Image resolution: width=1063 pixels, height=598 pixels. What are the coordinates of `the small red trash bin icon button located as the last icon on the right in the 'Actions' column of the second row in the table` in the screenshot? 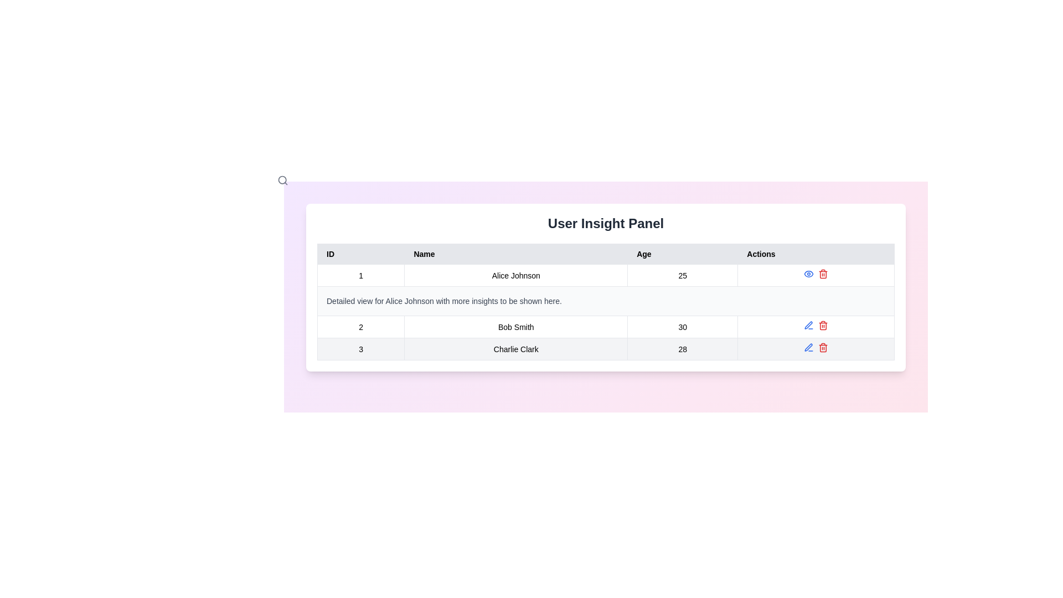 It's located at (823, 324).